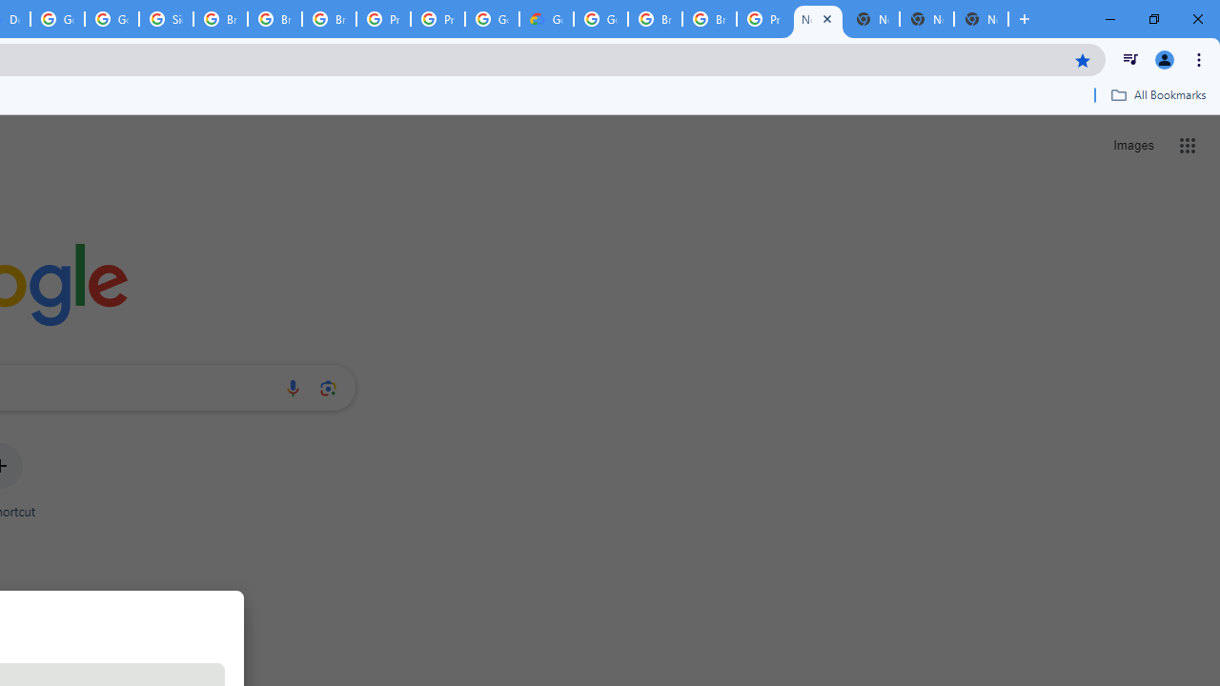 This screenshot has width=1220, height=686. Describe the element at coordinates (1157, 94) in the screenshot. I see `'All Bookmarks'` at that location.